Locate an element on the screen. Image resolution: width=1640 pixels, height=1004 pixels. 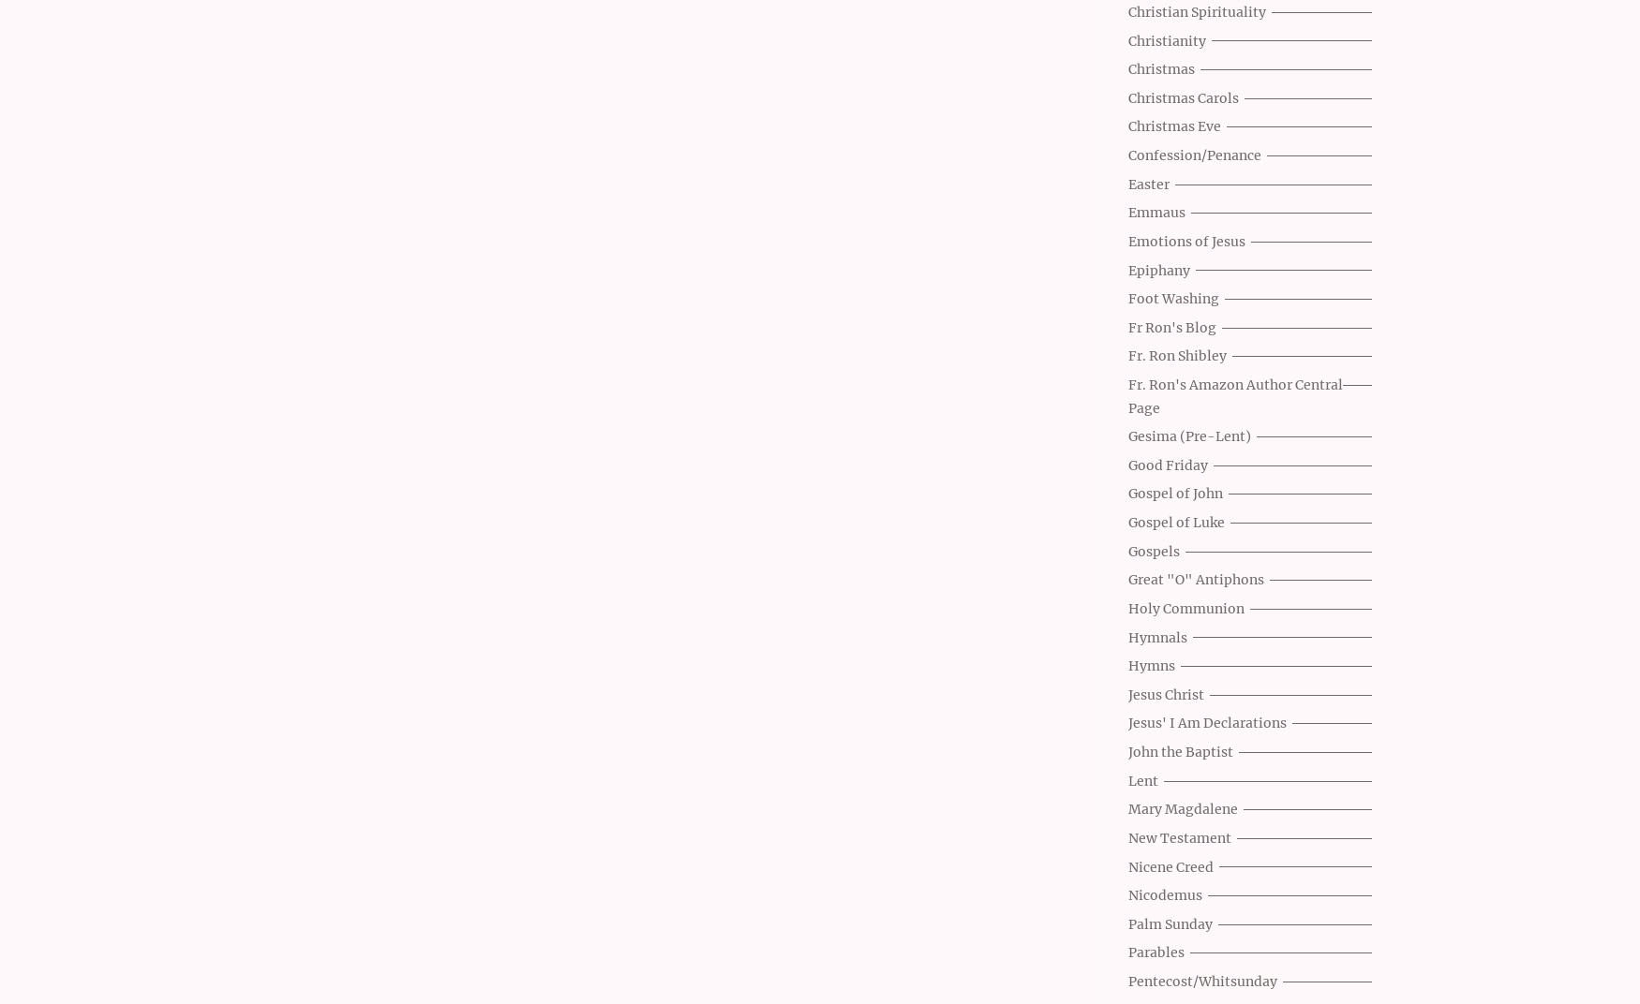
'Christianity' is located at coordinates (1128, 38).